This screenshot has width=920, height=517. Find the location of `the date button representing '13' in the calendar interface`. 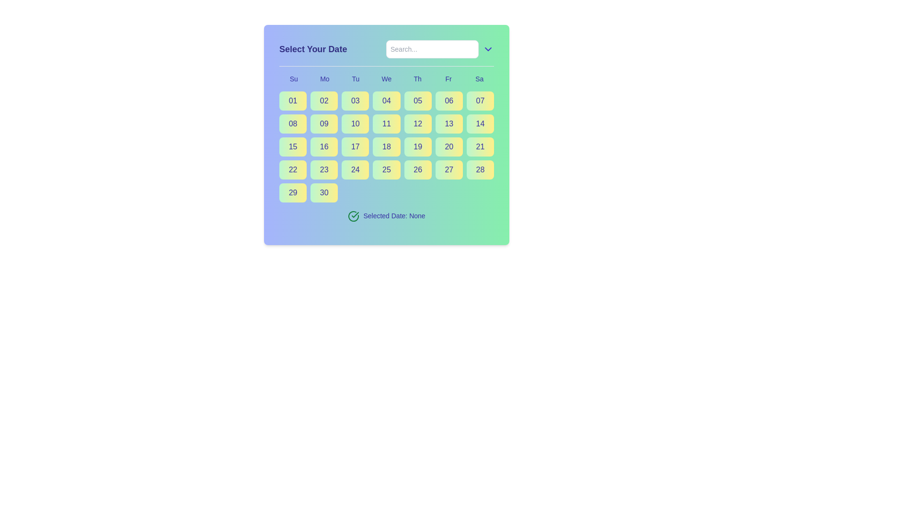

the date button representing '13' in the calendar interface is located at coordinates (448, 123).